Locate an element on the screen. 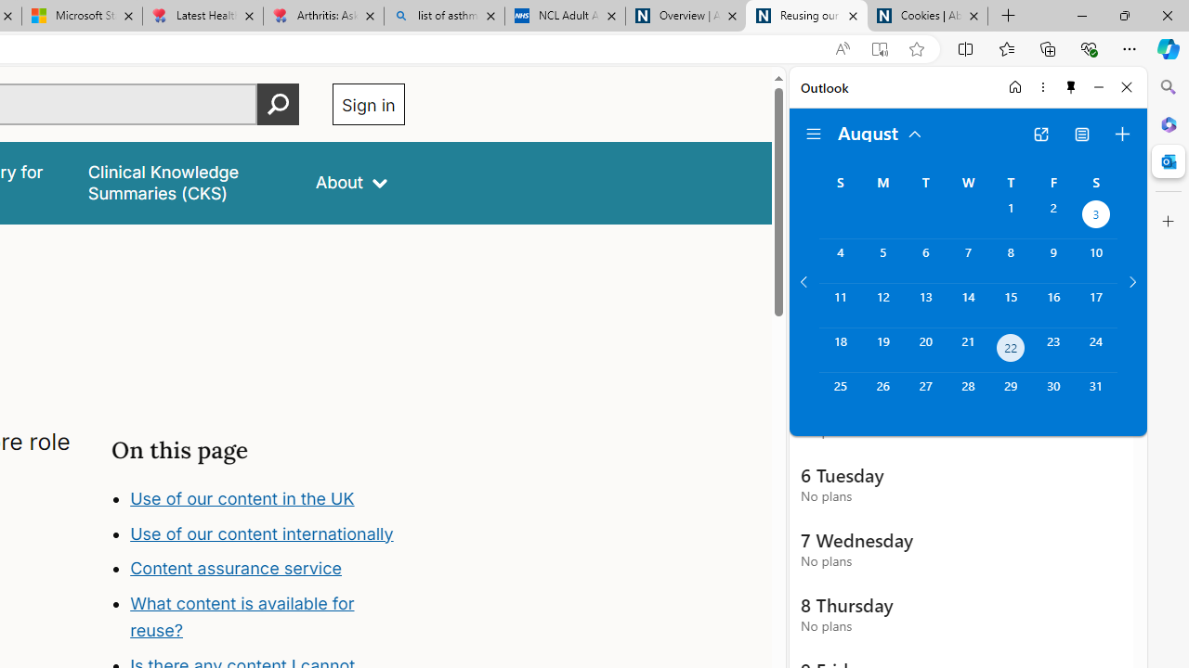 The width and height of the screenshot is (1189, 668). 'Tuesday, August 20, 2024. ' is located at coordinates (925, 350).